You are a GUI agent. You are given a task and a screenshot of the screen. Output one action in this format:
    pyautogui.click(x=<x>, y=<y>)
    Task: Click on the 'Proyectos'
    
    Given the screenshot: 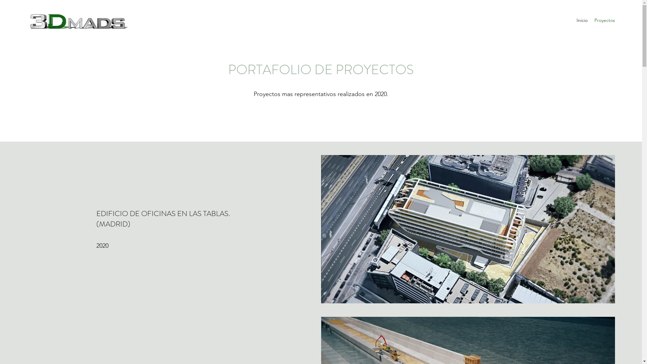 What is the action you would take?
    pyautogui.click(x=590, y=20)
    